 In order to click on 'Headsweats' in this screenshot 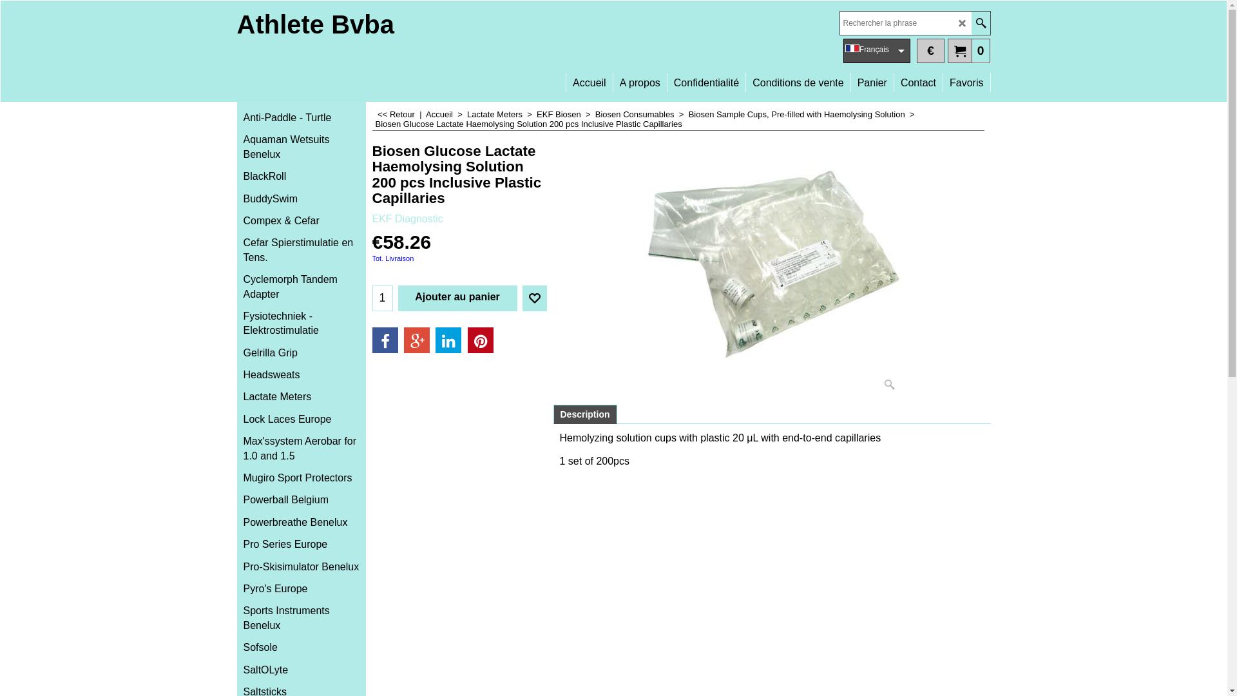, I will do `click(237, 375)`.